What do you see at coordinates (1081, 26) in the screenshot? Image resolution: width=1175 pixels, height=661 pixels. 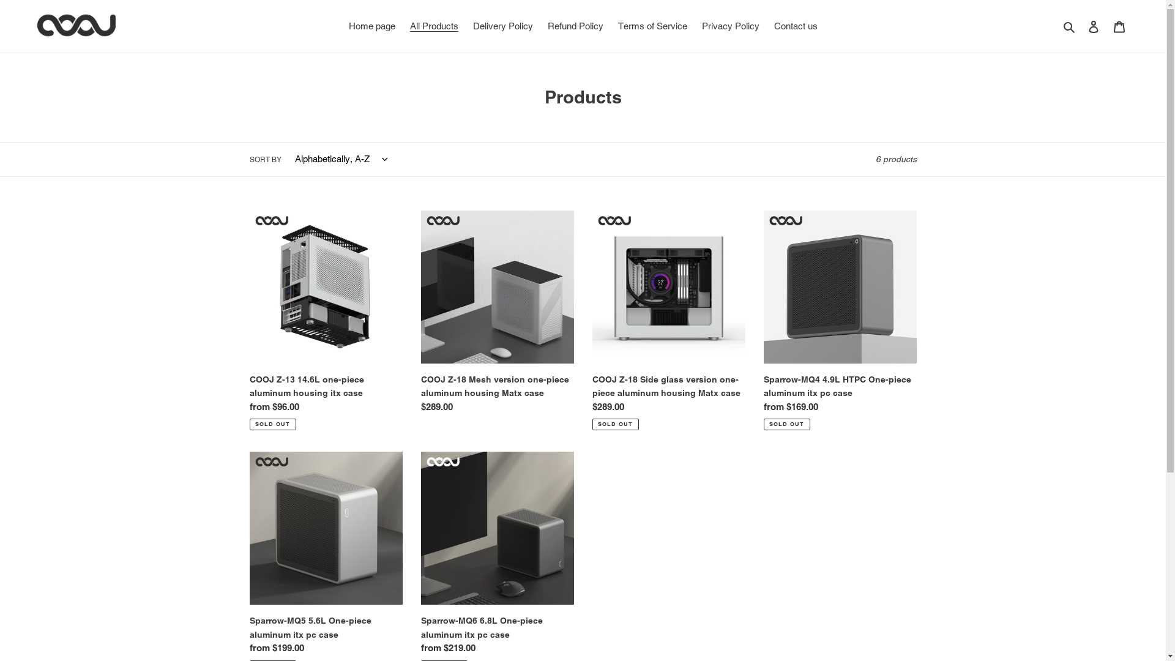 I see `'Log in'` at bounding box center [1081, 26].